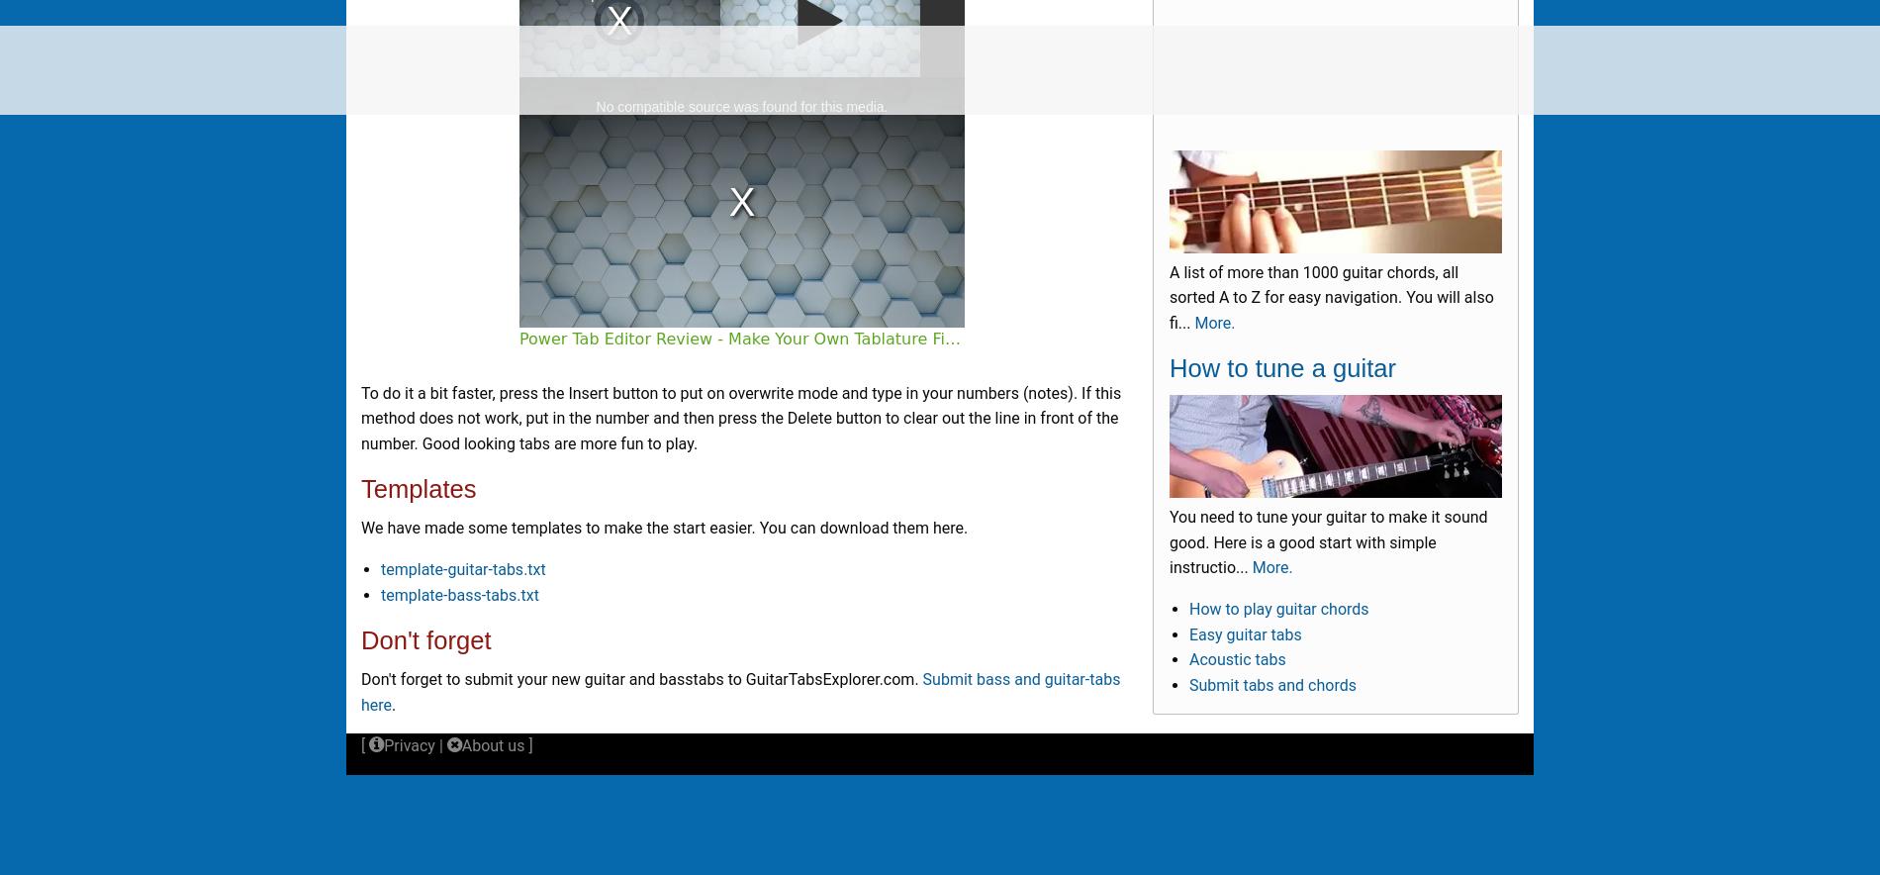 The height and width of the screenshot is (875, 1880). Describe the element at coordinates (528, 745) in the screenshot. I see `']'` at that location.